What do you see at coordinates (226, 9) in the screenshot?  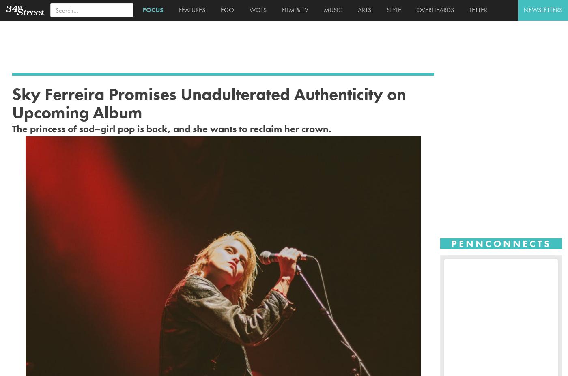 I see `'EGO'` at bounding box center [226, 9].